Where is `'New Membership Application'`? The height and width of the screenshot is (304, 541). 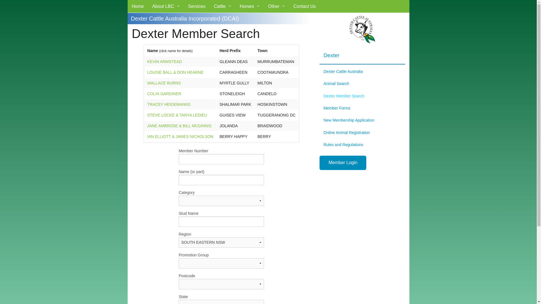
'New Membership Application' is located at coordinates (319, 120).